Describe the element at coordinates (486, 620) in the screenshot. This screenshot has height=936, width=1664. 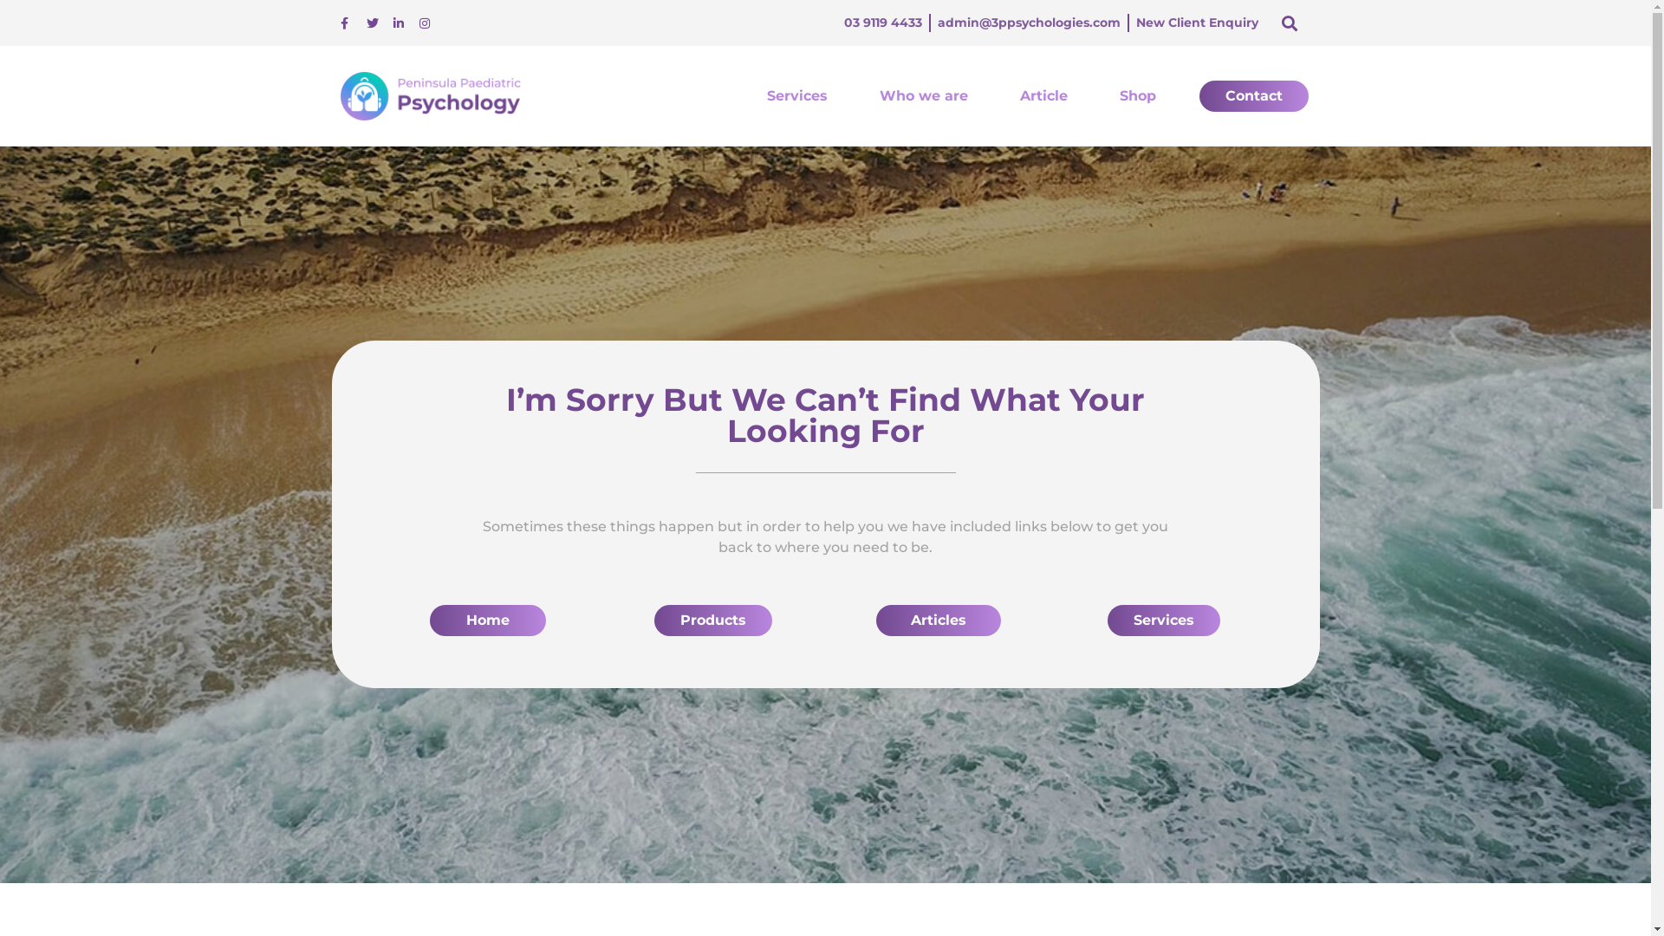
I see `'Home'` at that location.